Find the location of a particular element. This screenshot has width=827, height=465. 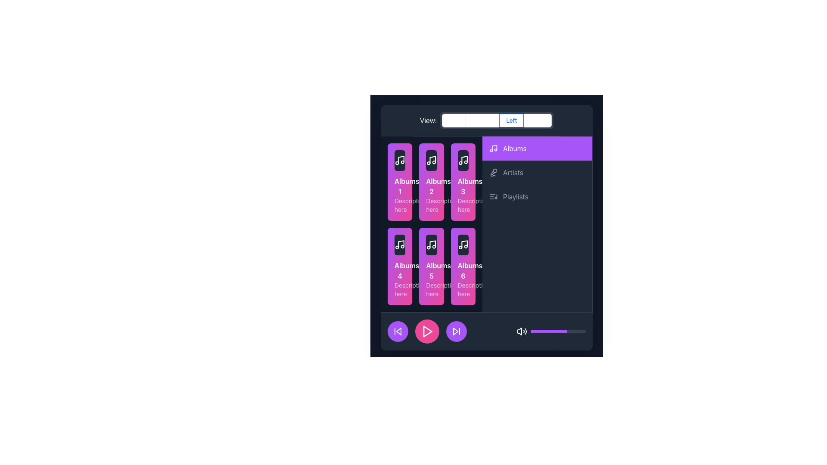

the circular purple skip-backward button located is located at coordinates (398, 331).